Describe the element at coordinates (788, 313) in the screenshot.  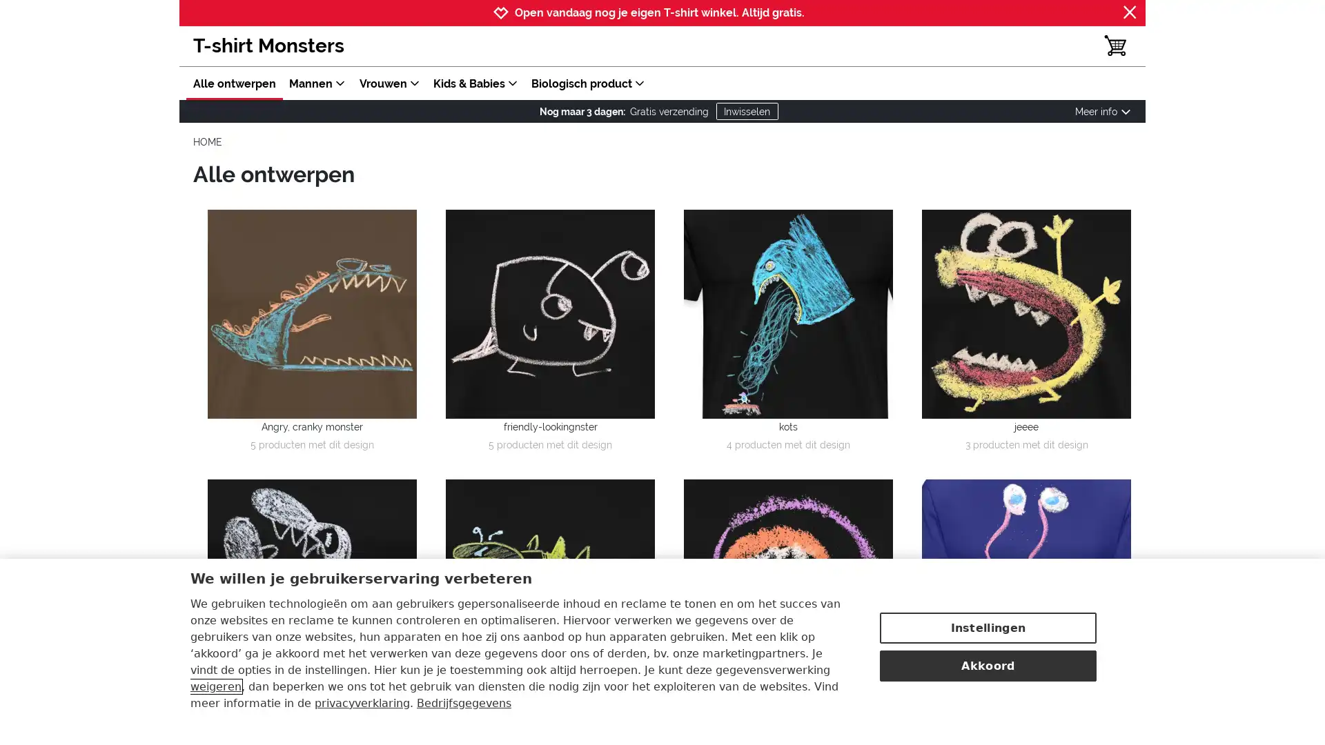
I see `kots - Mannen Premium T-shirt` at that location.